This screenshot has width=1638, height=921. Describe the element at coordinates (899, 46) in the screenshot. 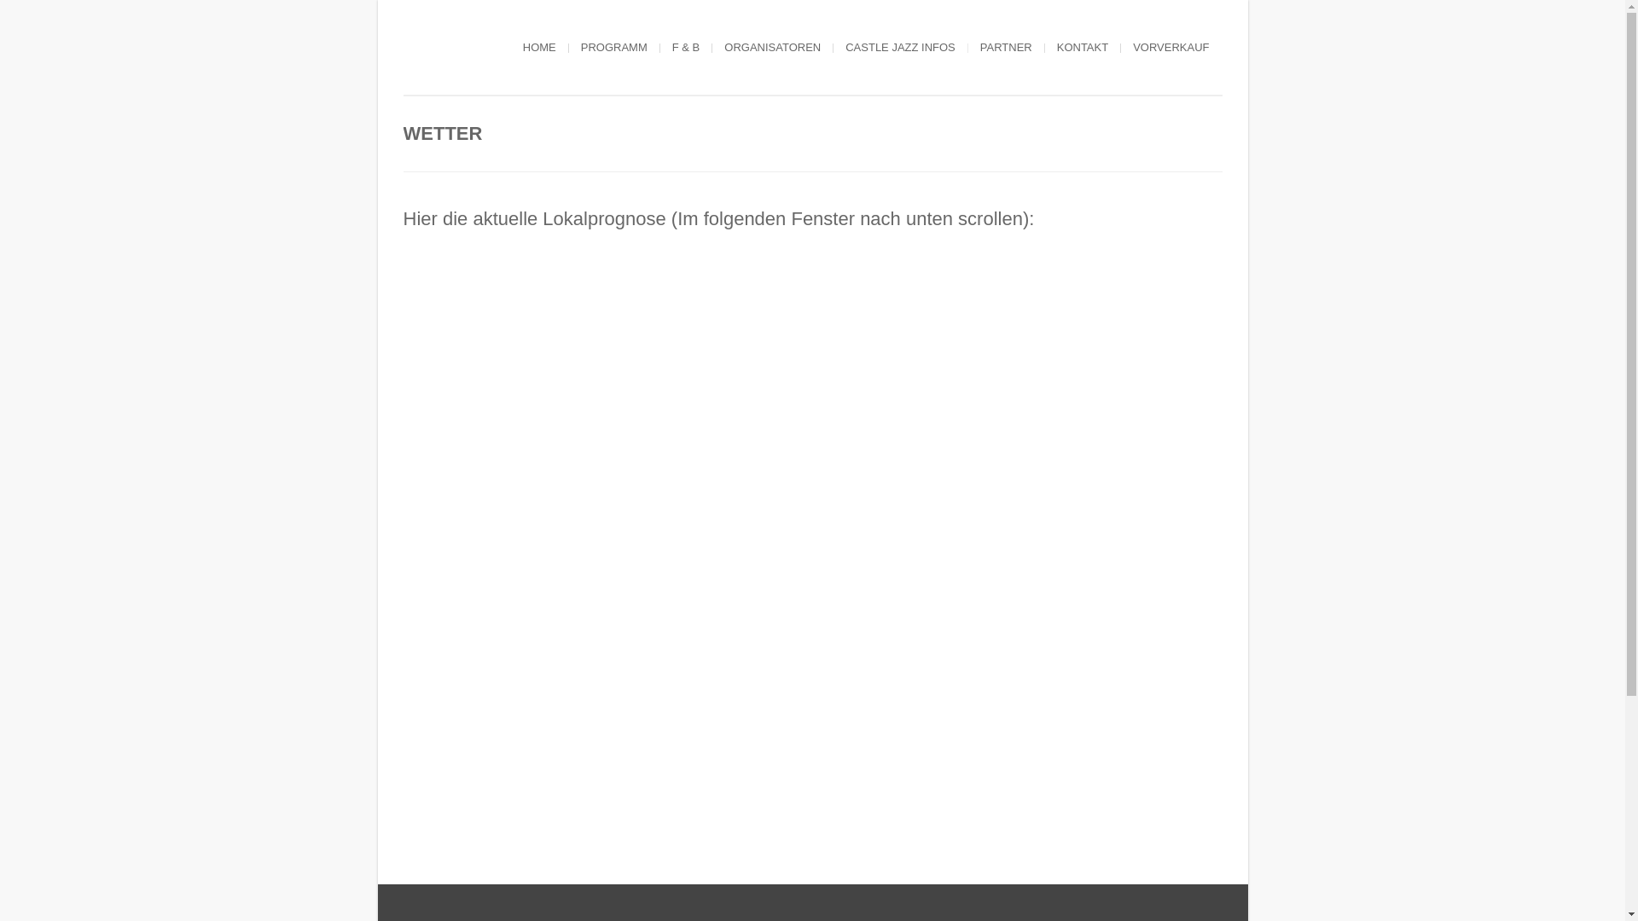

I see `'CASTLE JAZZ INFOS'` at that location.